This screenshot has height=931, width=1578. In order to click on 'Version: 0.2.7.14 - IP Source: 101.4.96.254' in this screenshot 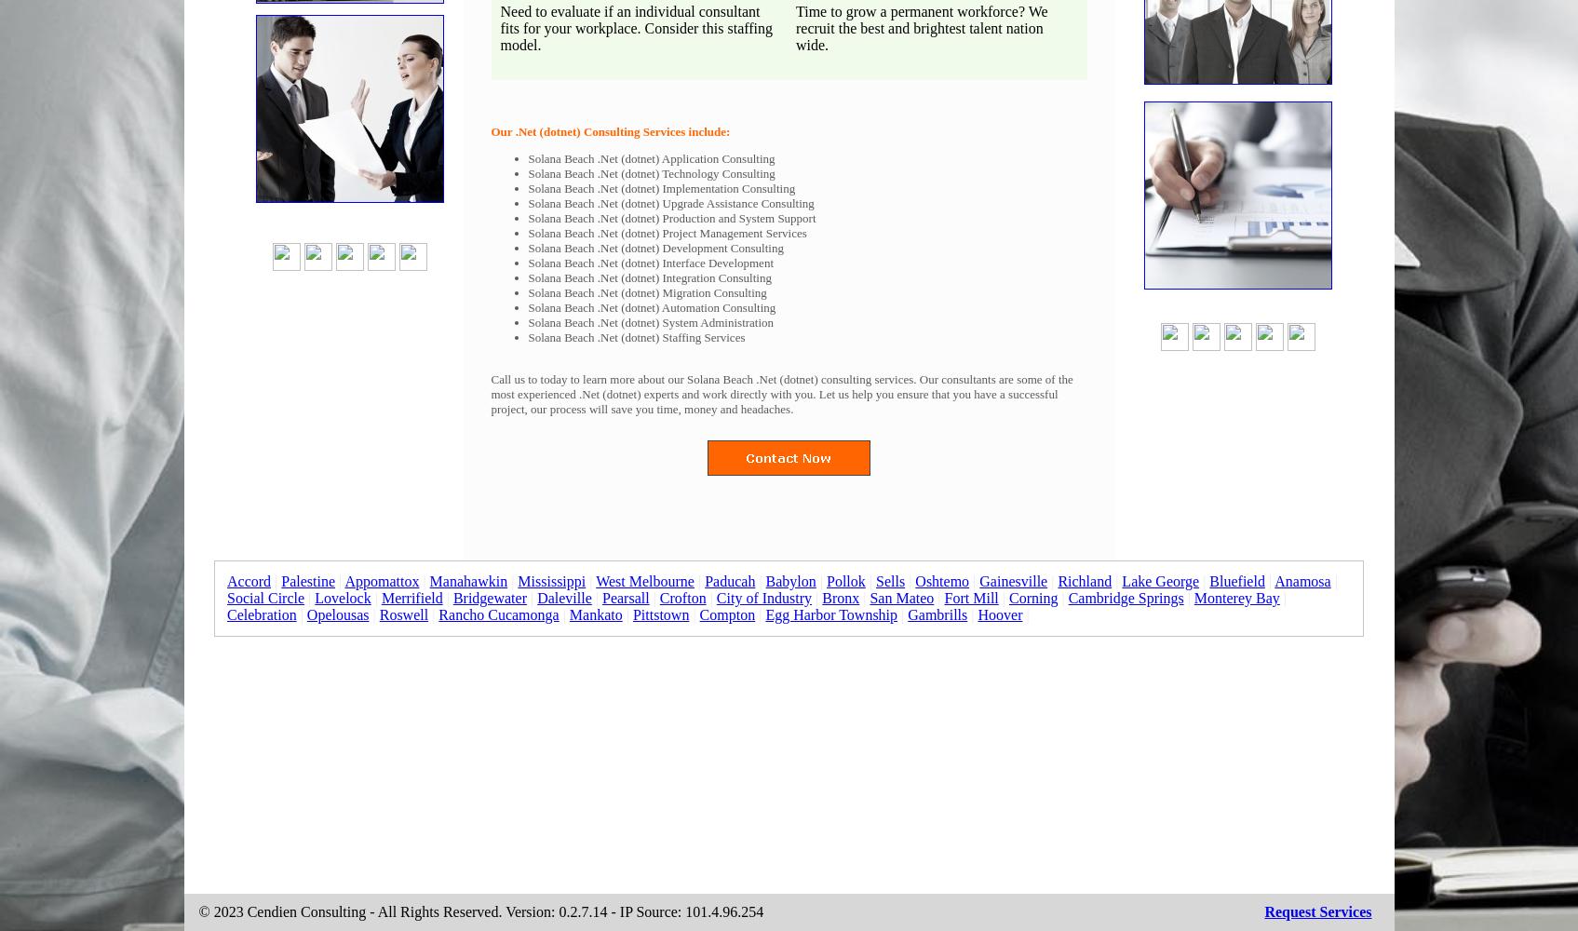, I will do `click(634, 911)`.